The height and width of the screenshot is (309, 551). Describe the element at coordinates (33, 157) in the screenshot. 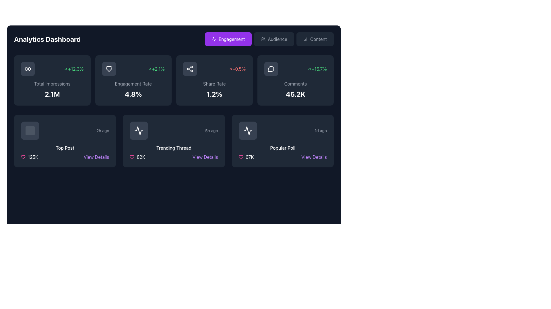

I see `the text label displaying '125K' in bold white font, located below the 'Top Post' label and adjacent to a pink heart icon, part of the first card in the bottom row of the dashboard` at that location.